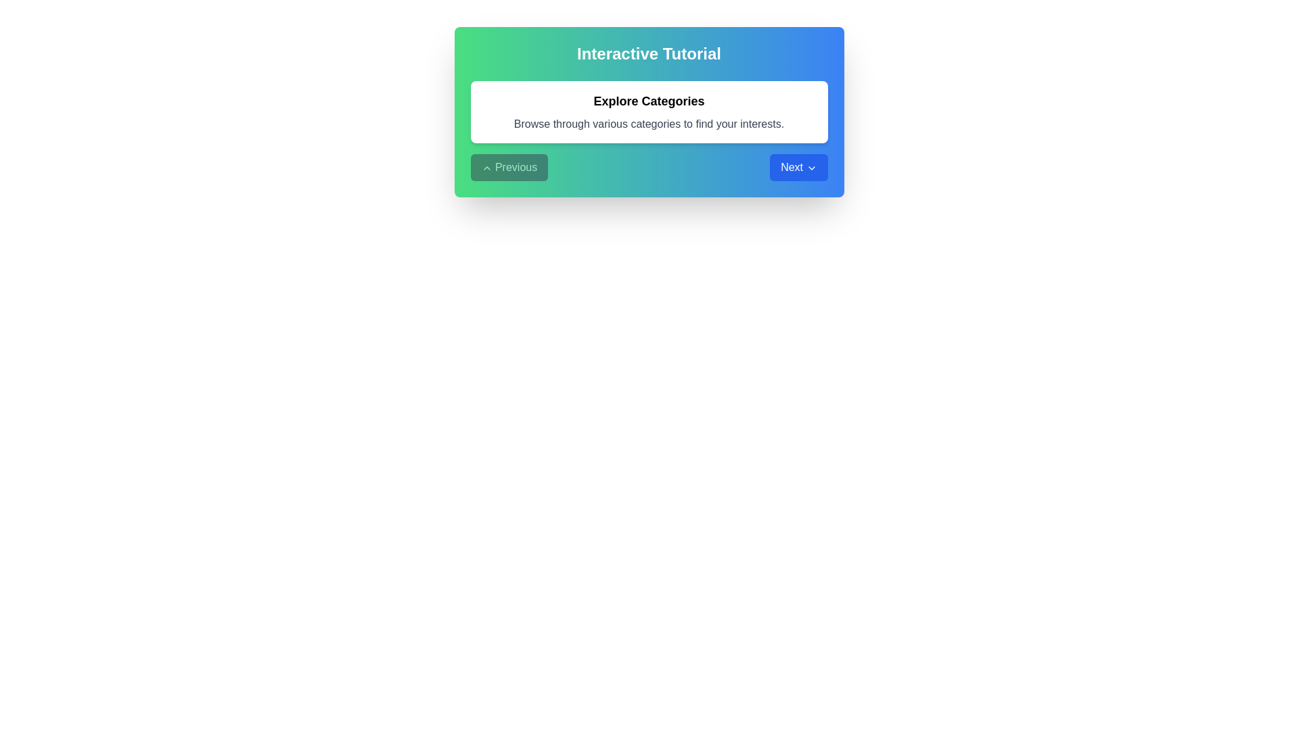 This screenshot has width=1299, height=730. Describe the element at coordinates (798, 166) in the screenshot. I see `the 'Next' button to navigate to the next step` at that location.